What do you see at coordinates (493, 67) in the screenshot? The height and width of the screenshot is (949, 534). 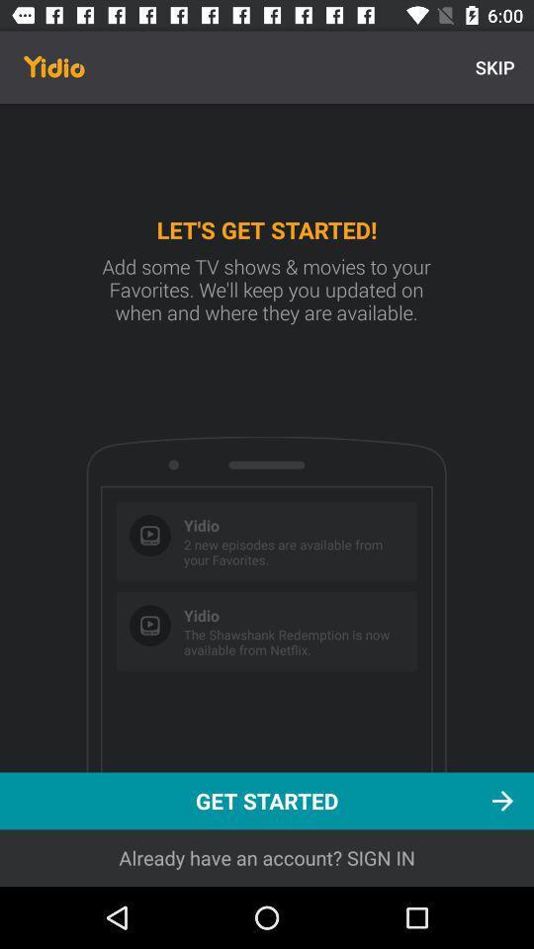 I see `the skip at the top right corner` at bounding box center [493, 67].